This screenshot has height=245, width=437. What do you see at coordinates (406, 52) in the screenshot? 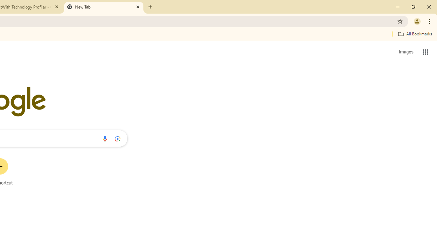
I see `'Search for Images '` at bounding box center [406, 52].